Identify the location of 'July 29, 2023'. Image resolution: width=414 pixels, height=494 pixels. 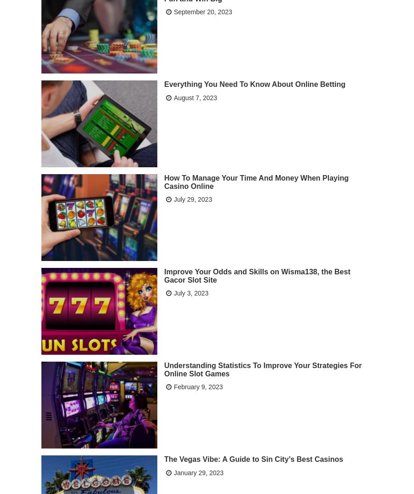
(193, 199).